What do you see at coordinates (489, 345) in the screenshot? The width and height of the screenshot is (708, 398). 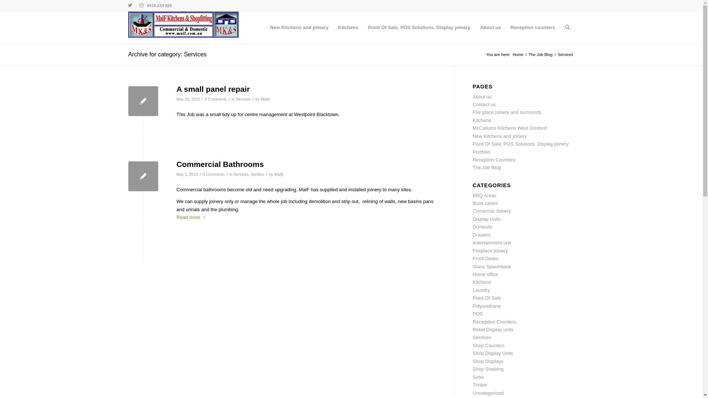 I see `'Shop Counters'` at bounding box center [489, 345].